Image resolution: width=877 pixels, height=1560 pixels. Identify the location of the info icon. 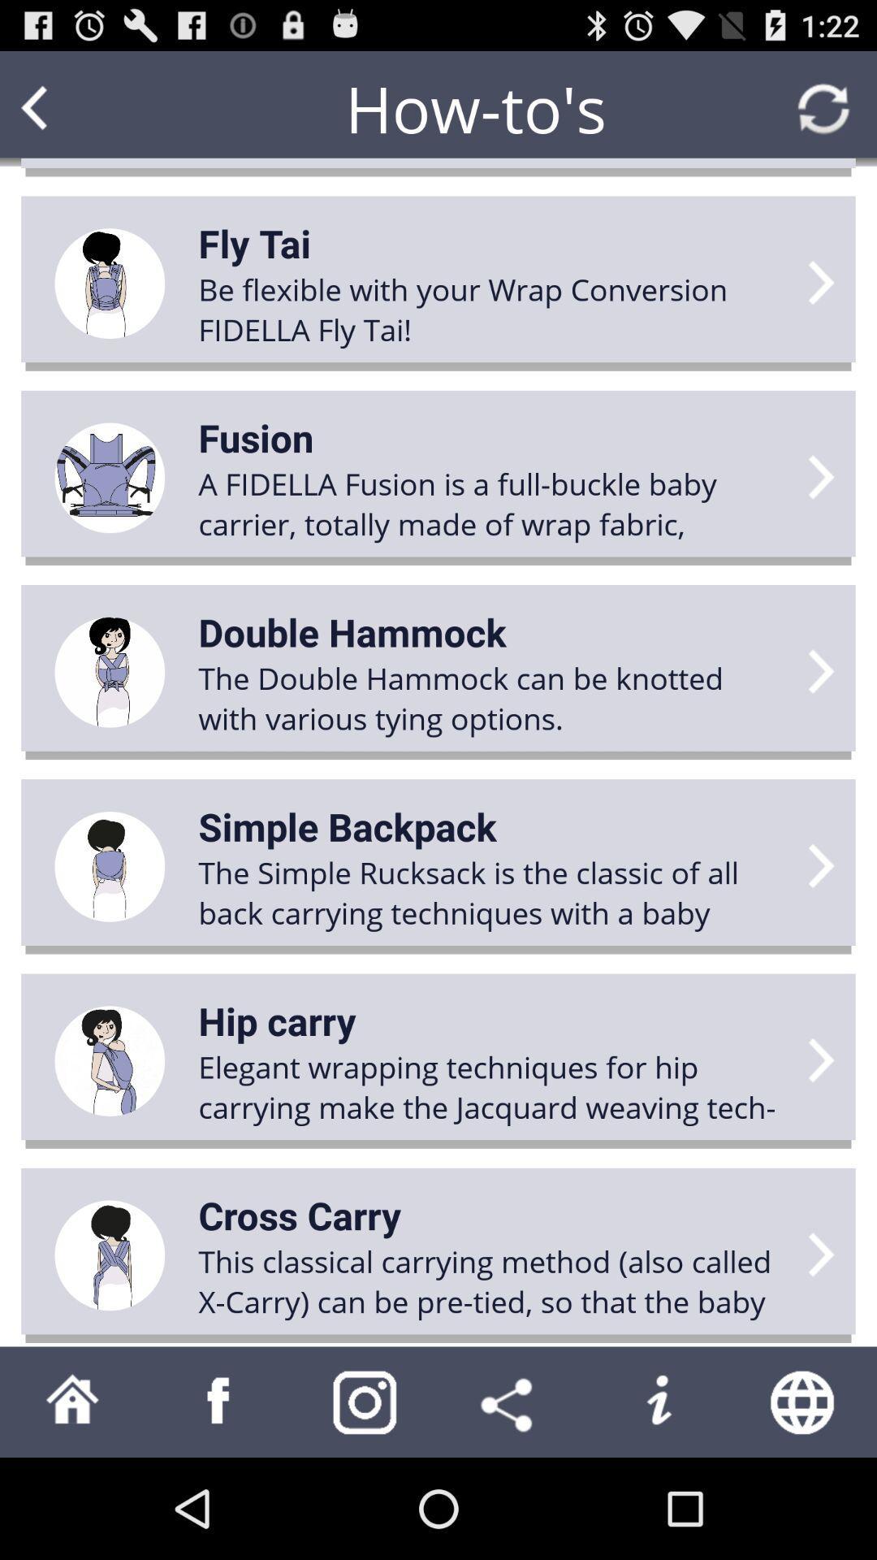
(658, 1500).